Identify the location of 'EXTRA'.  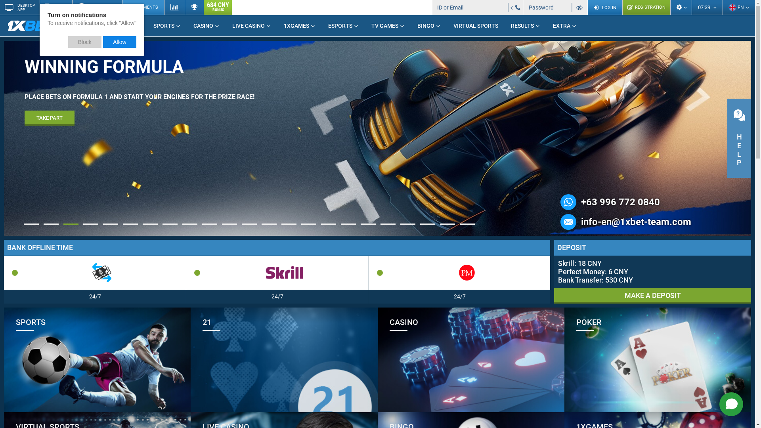
(564, 25).